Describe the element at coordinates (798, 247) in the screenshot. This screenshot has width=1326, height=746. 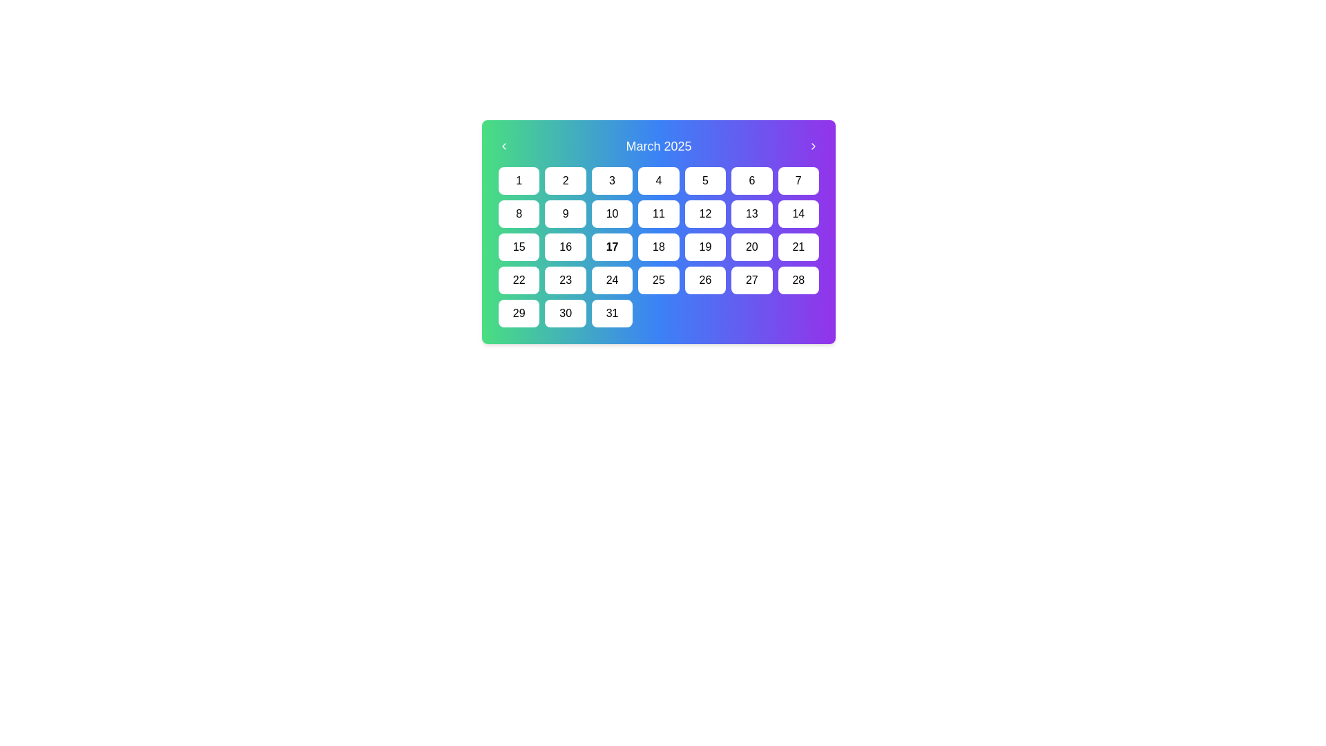
I see `the Calendar Date Item displaying the date '21' in the March 2025 calendar` at that location.